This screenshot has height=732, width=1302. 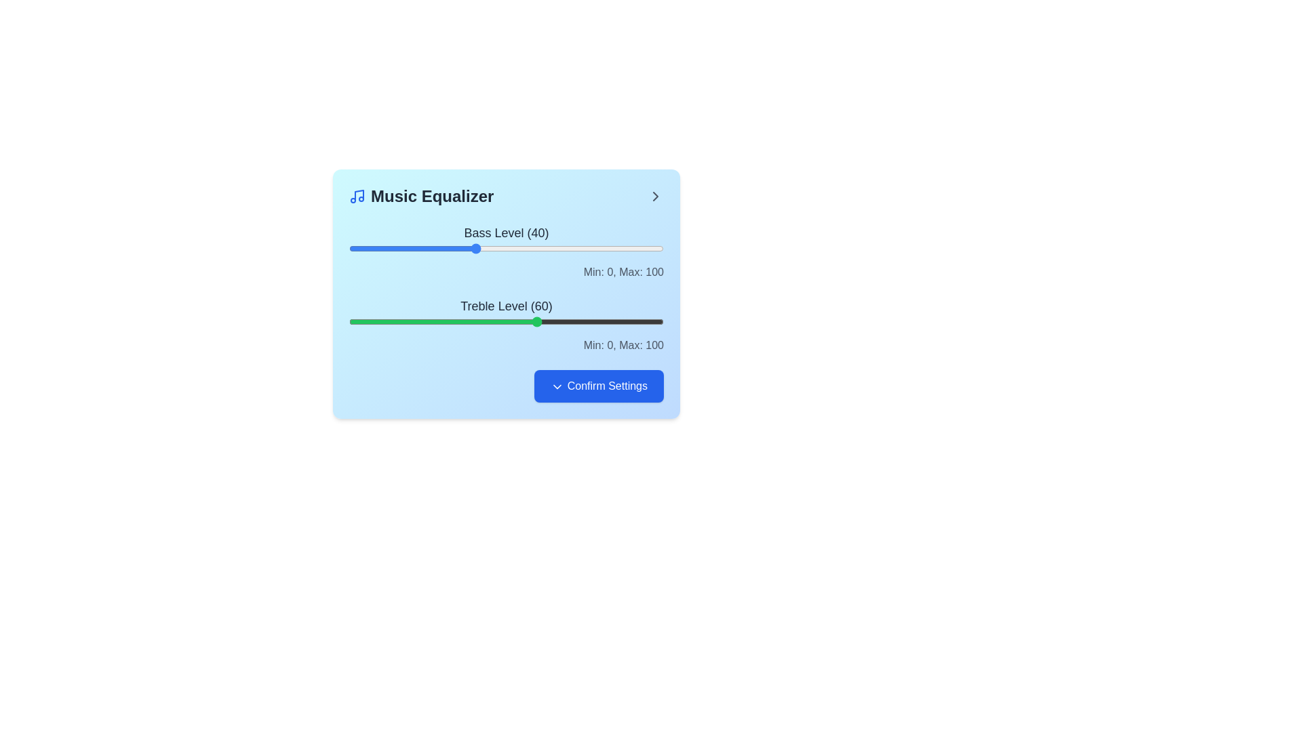 What do you see at coordinates (506, 272) in the screenshot?
I see `the static text label displaying 'Min: 0, Max: 100', which is right-aligned and located below the slider in the music equalizer interface` at bounding box center [506, 272].